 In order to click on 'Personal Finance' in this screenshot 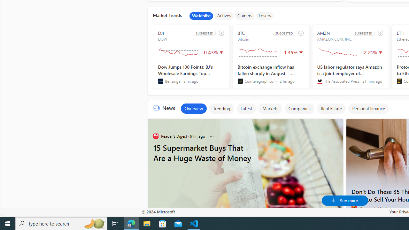, I will do `click(368, 108)`.